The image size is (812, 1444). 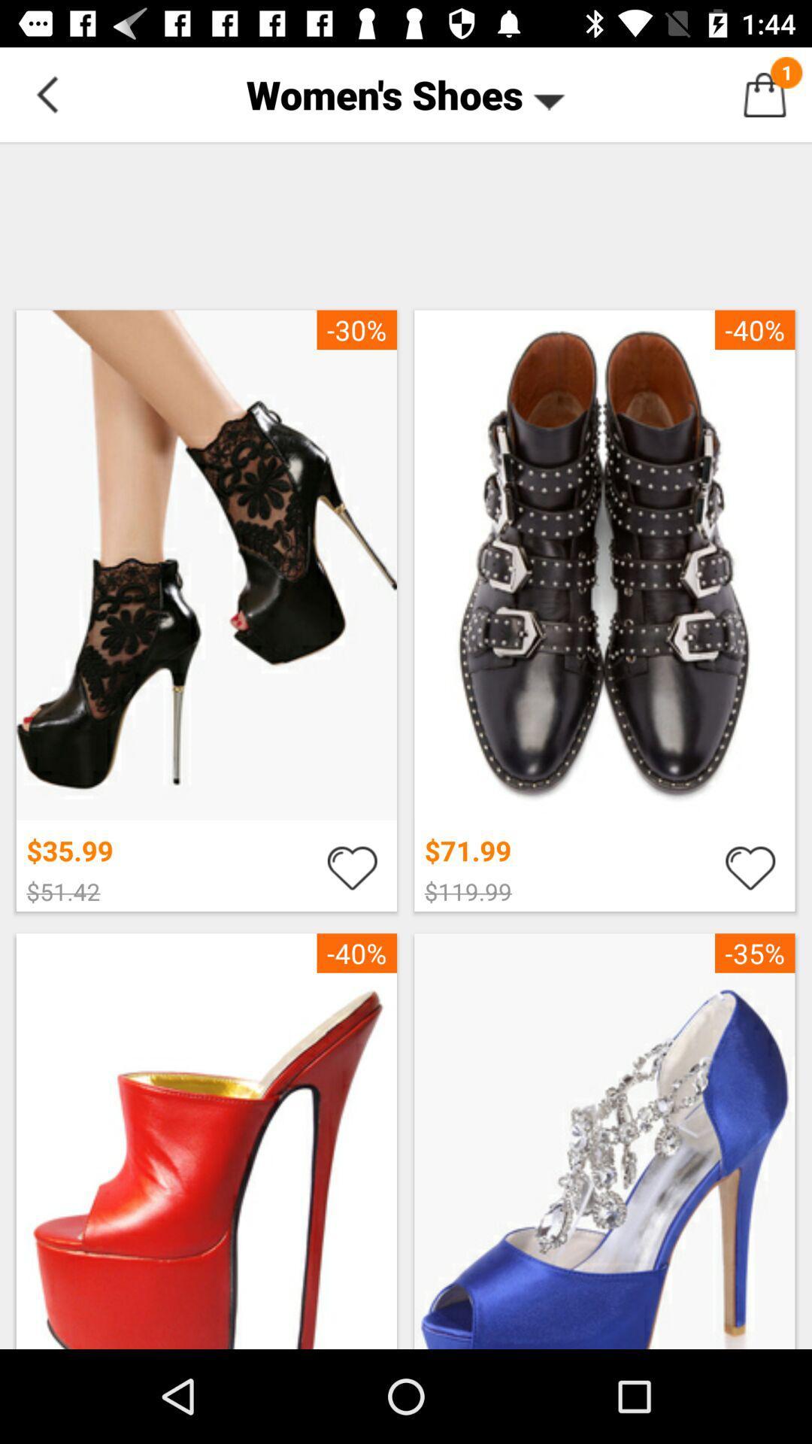 What do you see at coordinates (352, 866) in the screenshot?
I see `favorite` at bounding box center [352, 866].